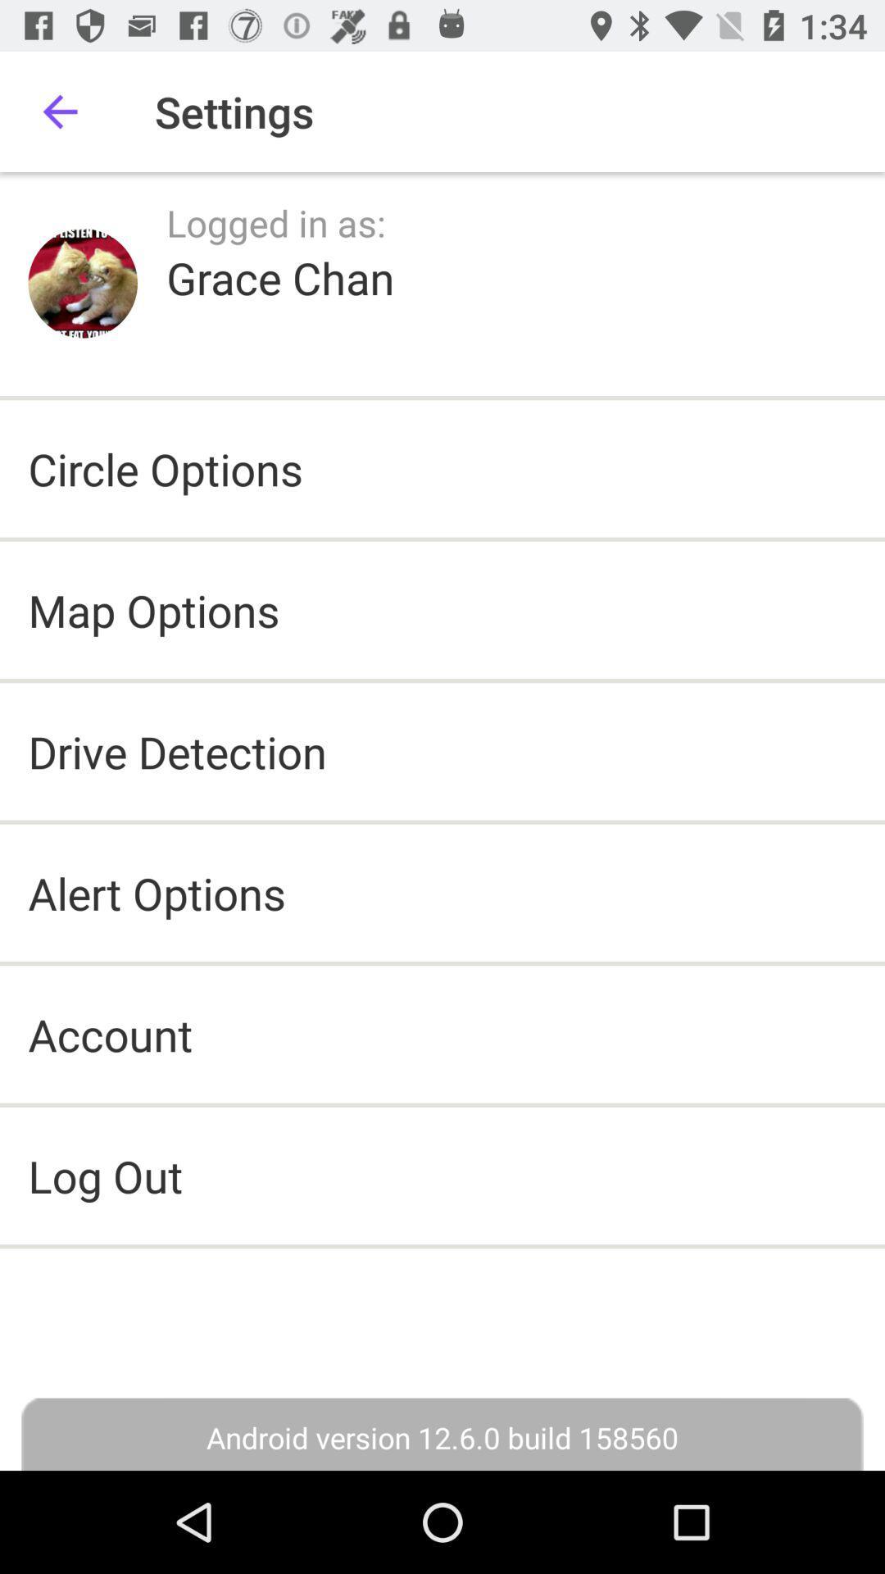  Describe the element at coordinates (177, 750) in the screenshot. I see `drive detection icon` at that location.